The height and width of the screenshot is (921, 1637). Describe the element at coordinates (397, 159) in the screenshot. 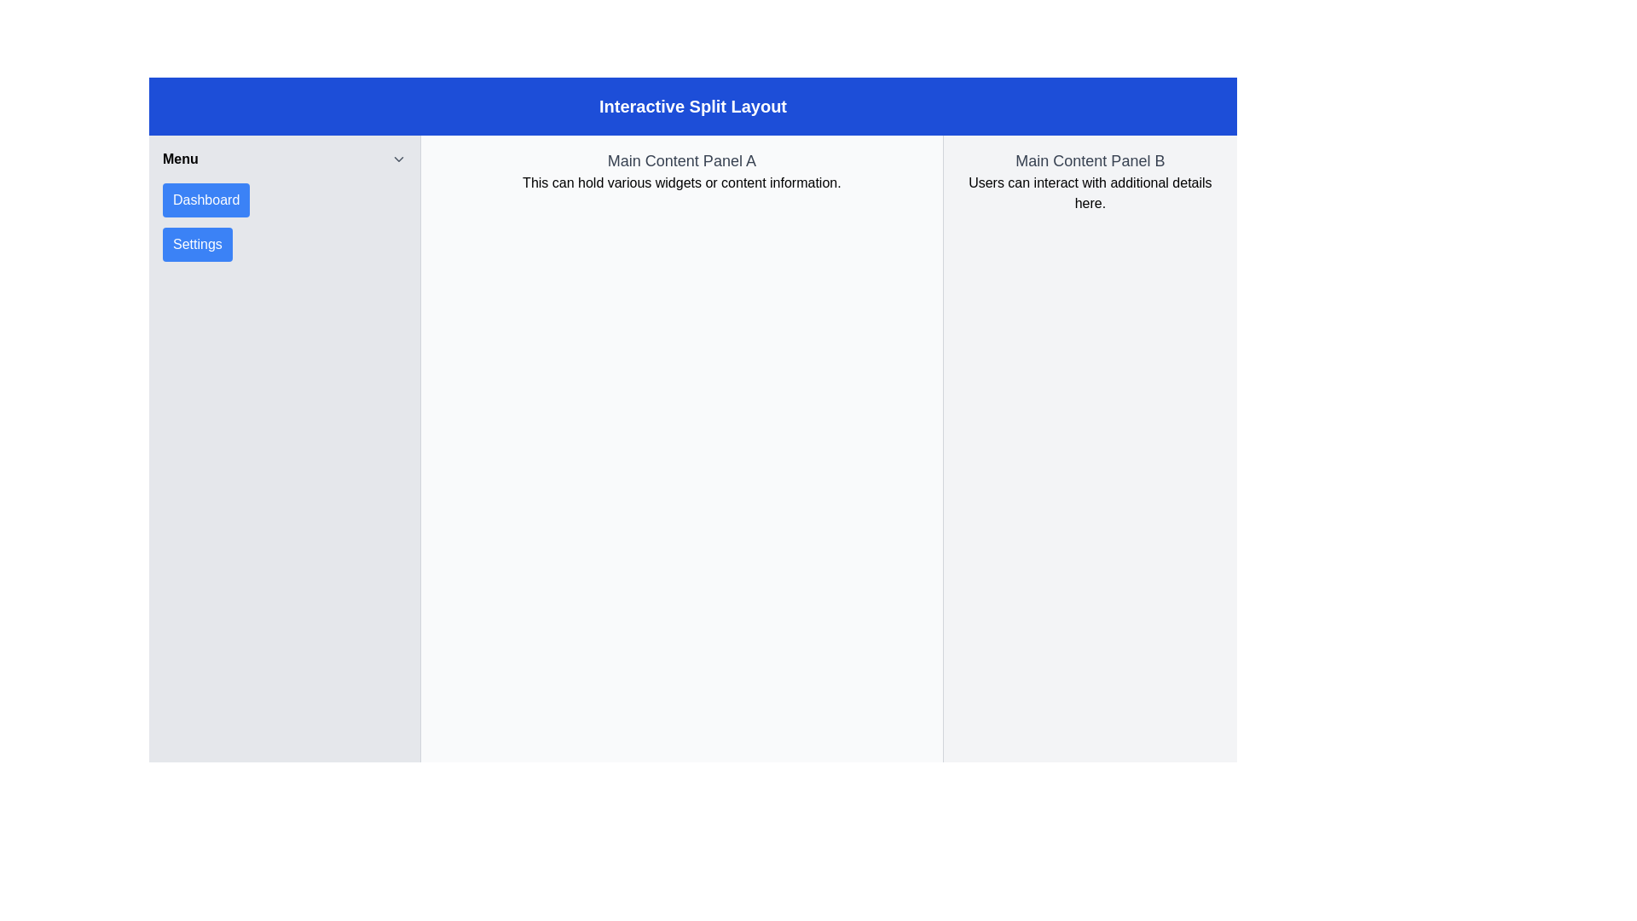

I see `the Chevron Icon located to the far-right of the 'Menu' label` at that location.